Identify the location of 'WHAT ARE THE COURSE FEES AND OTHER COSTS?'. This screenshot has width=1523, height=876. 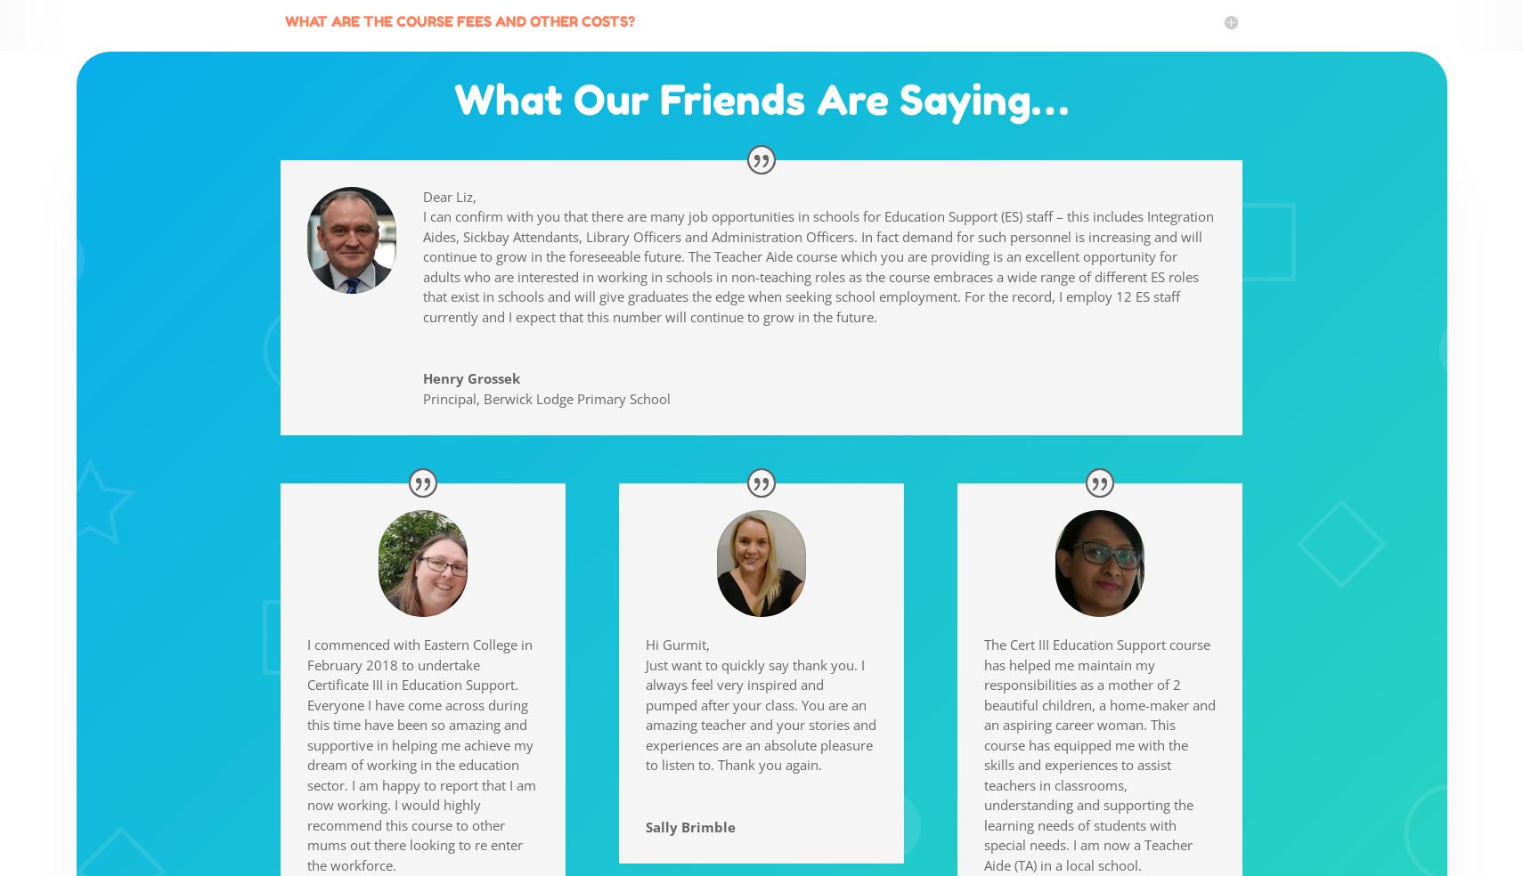
(283, 20).